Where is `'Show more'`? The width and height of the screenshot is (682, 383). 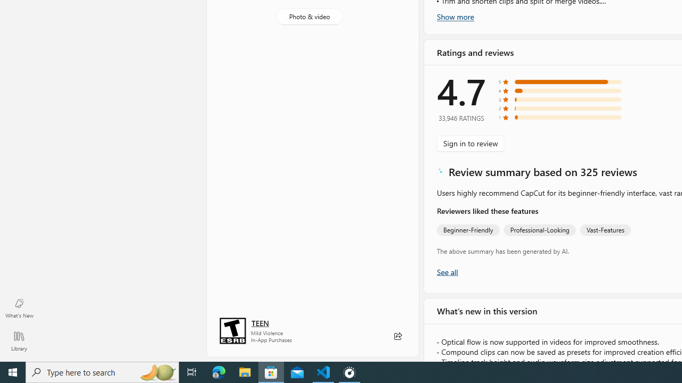 'Show more' is located at coordinates (456, 16).